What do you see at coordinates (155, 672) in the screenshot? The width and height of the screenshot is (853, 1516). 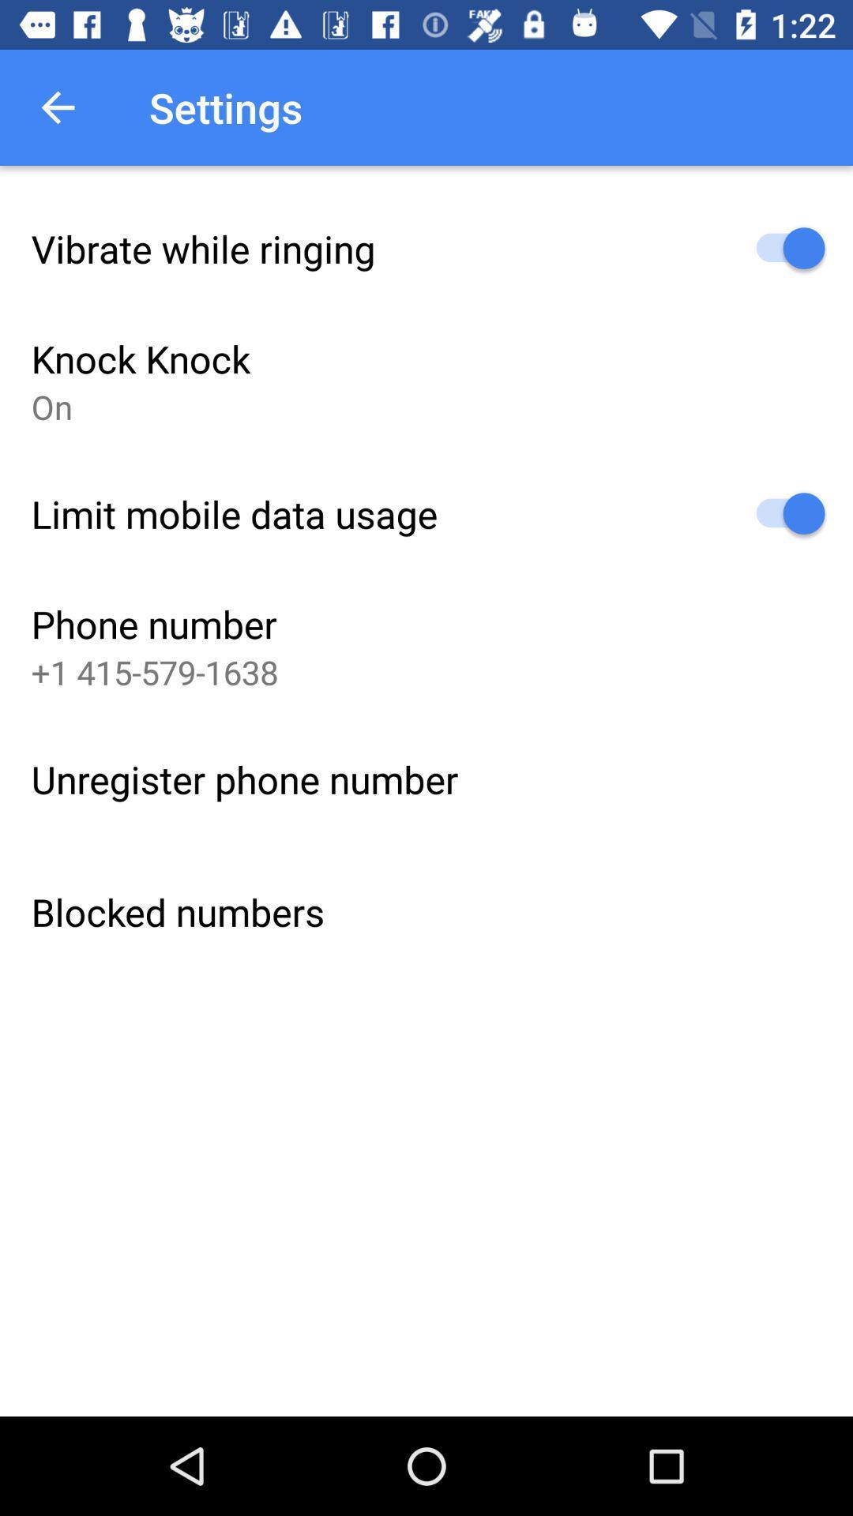 I see `icon above the unregister phone number icon` at bounding box center [155, 672].